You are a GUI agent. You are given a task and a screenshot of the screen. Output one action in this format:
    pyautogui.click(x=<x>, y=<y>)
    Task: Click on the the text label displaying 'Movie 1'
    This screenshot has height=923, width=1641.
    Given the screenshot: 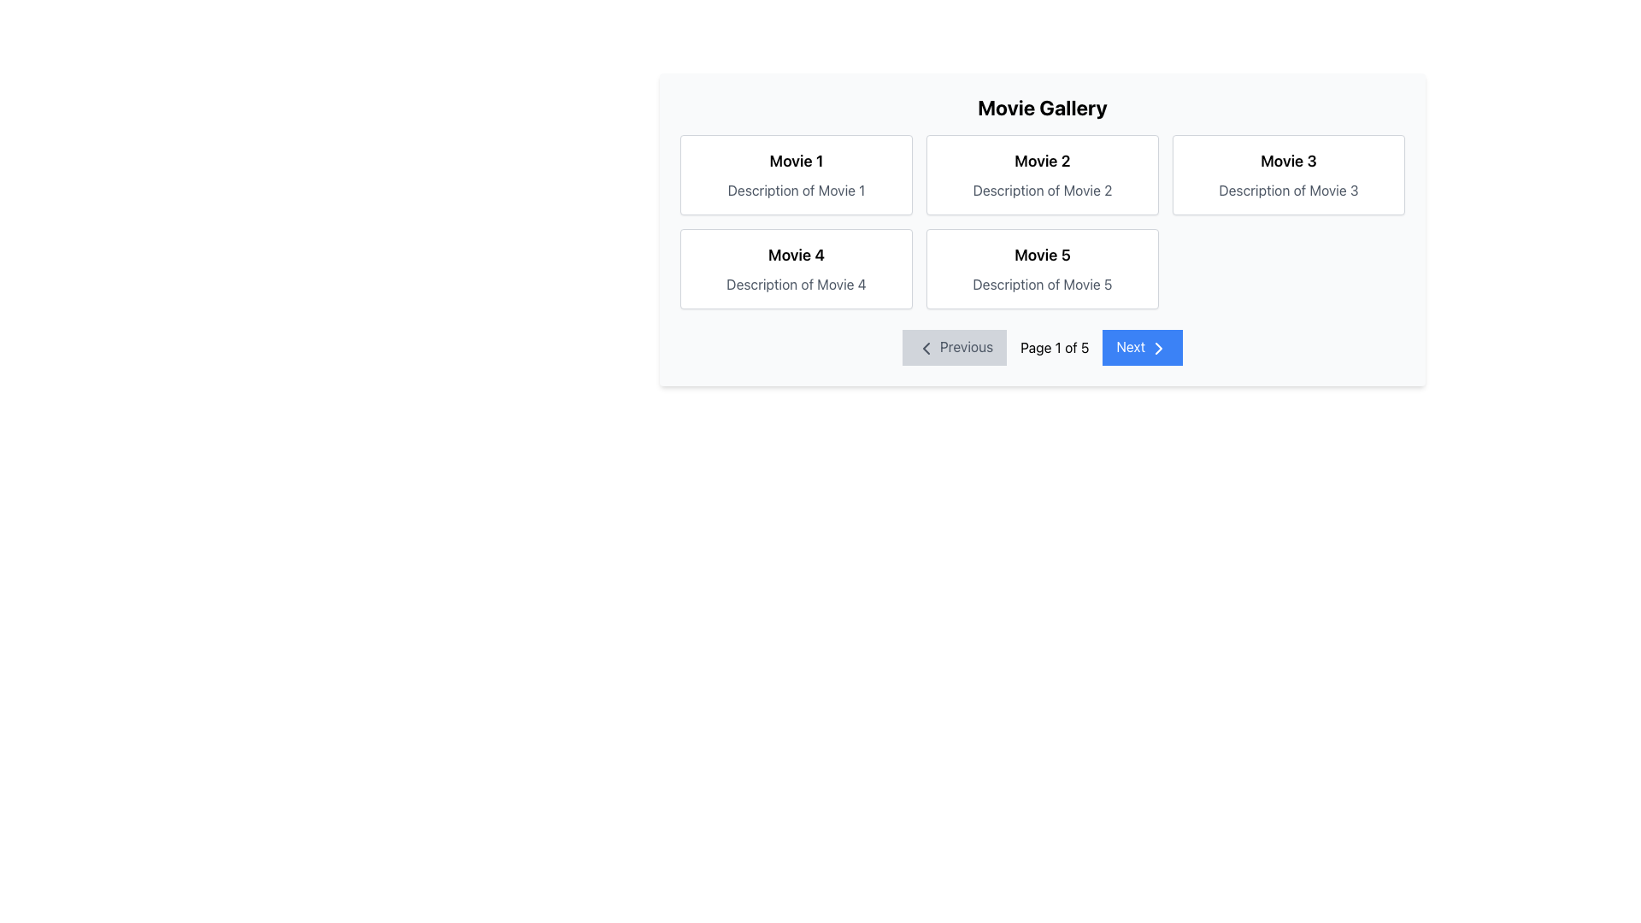 What is the action you would take?
    pyautogui.click(x=795, y=162)
    